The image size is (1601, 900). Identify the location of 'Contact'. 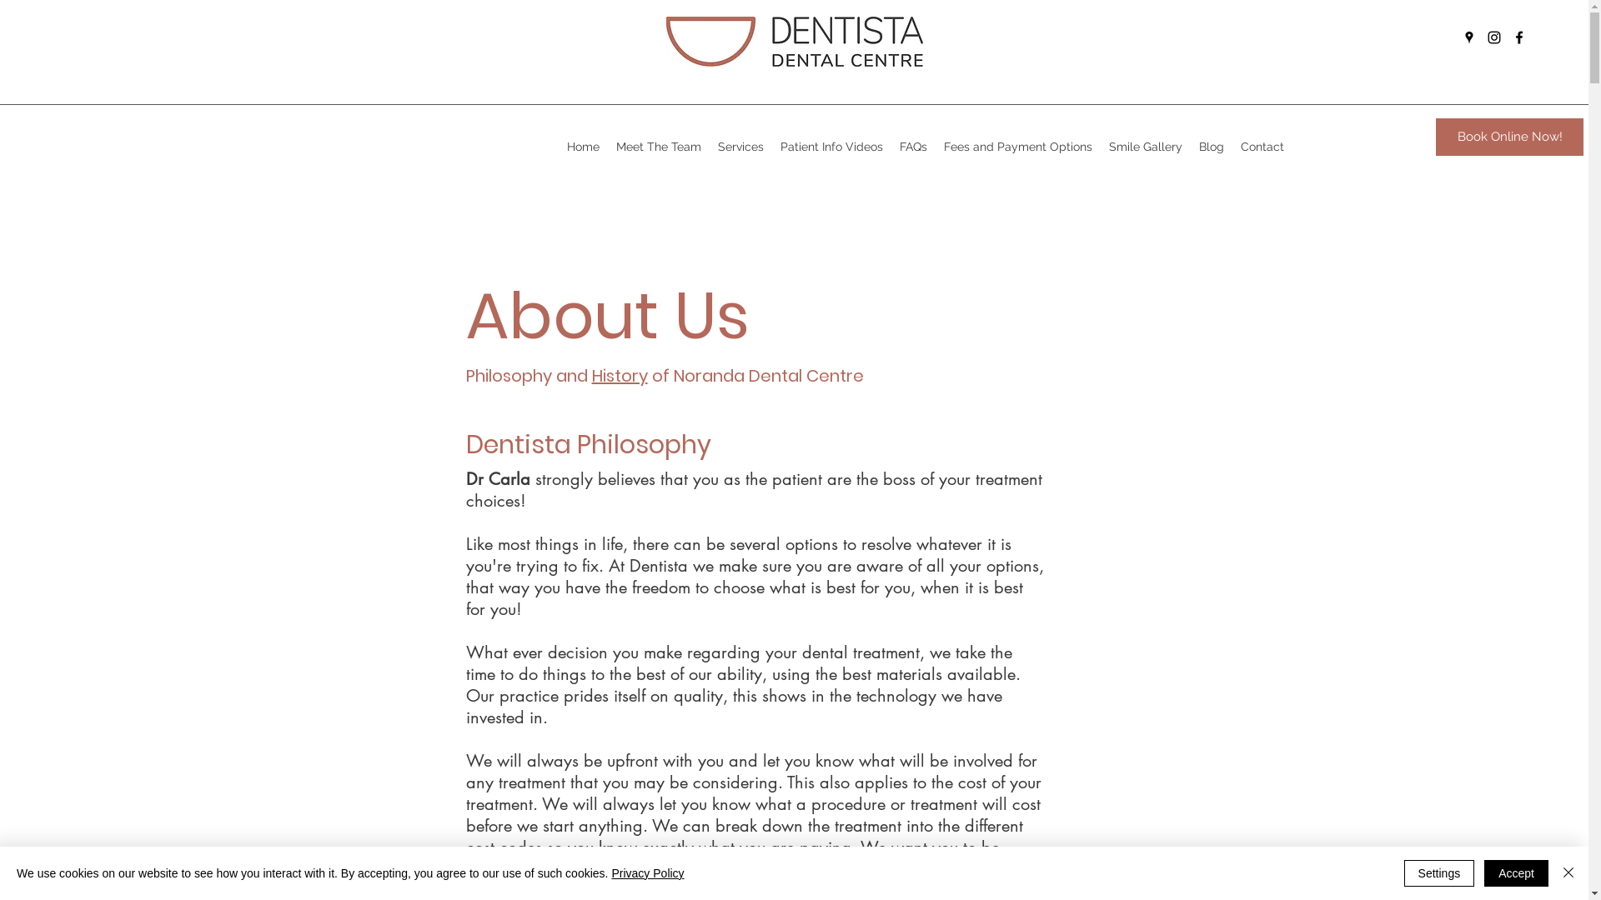
(1262, 146).